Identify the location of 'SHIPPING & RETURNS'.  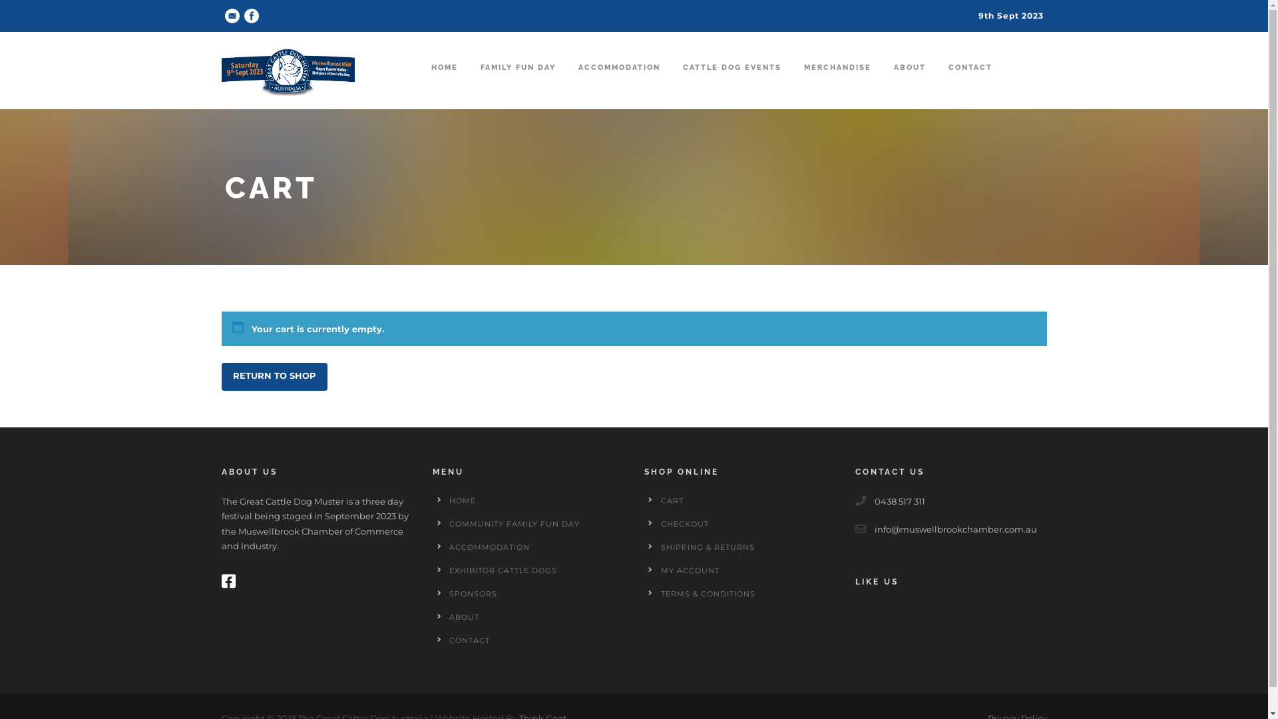
(706, 547).